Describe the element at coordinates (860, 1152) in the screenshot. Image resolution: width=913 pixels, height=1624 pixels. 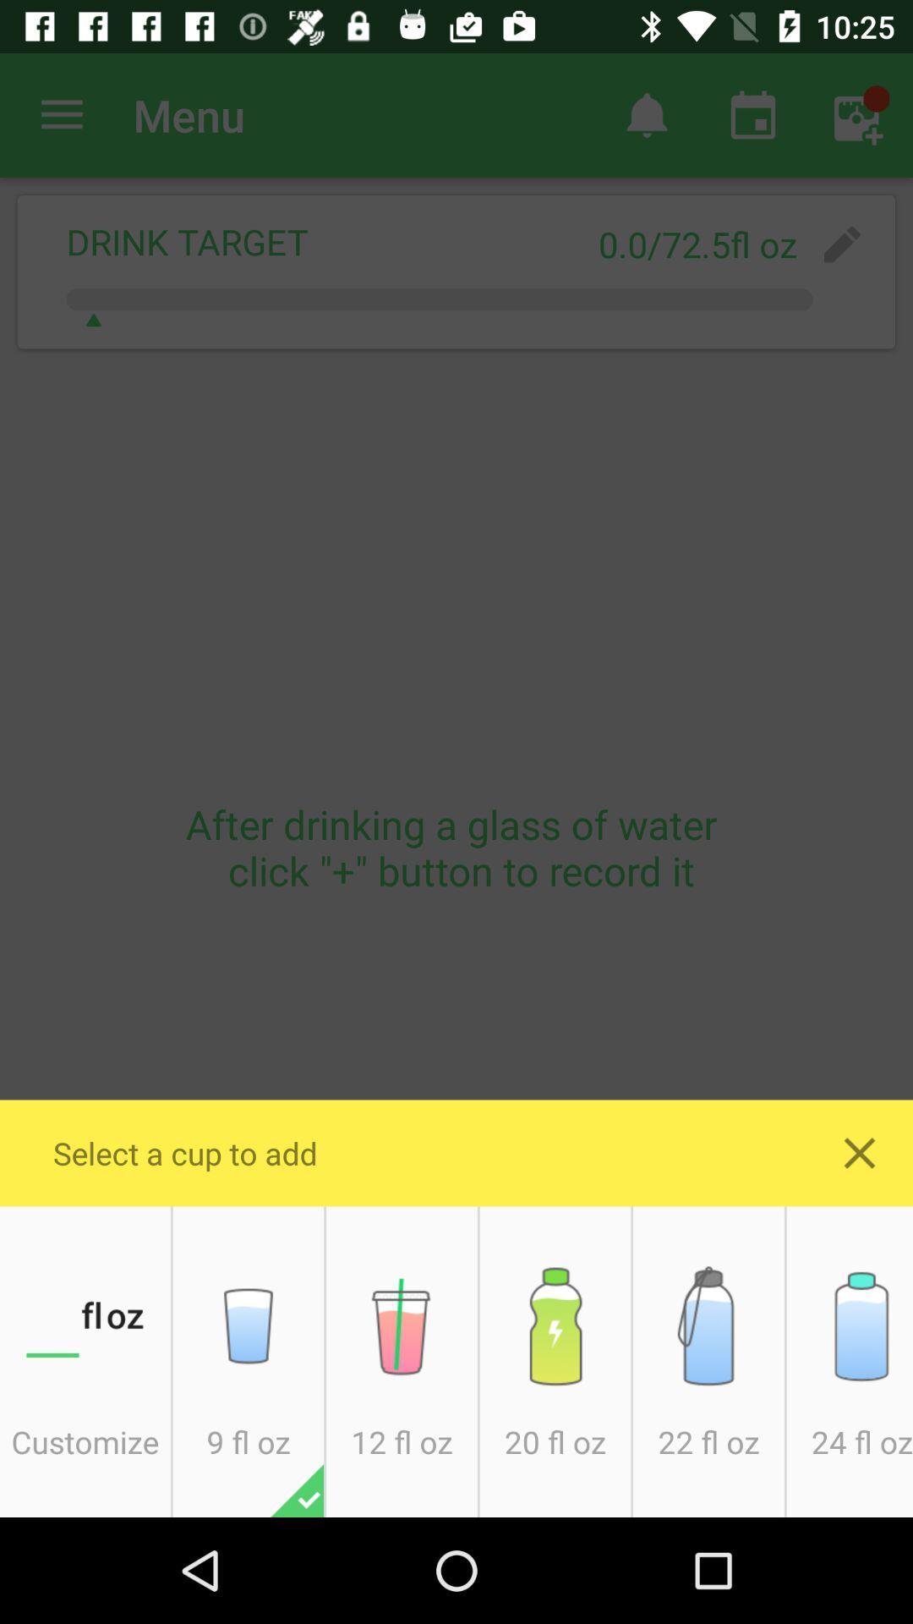
I see `exit out` at that location.